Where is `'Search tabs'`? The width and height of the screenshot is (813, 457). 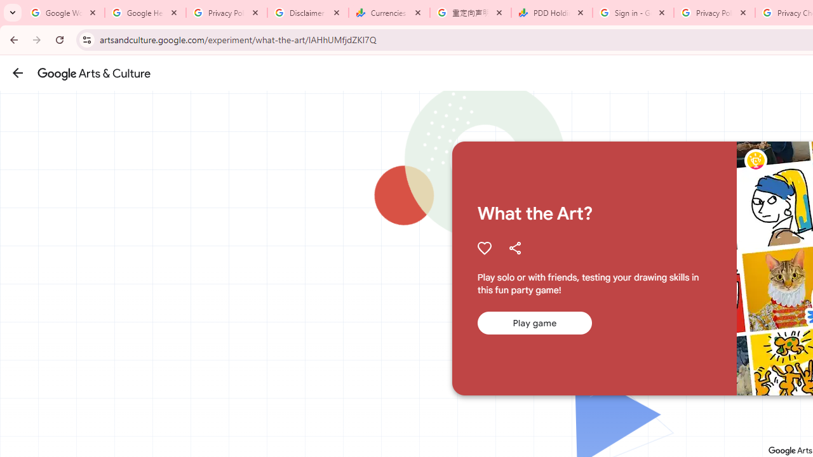 'Search tabs' is located at coordinates (13, 13).